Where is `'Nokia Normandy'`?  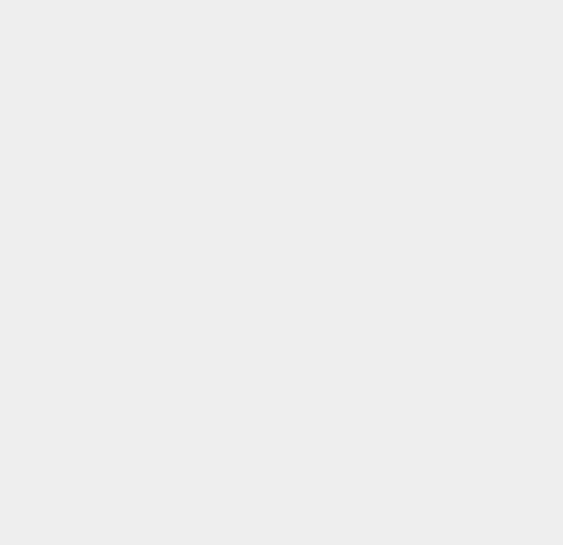
'Nokia Normandy' is located at coordinates (398, 205).